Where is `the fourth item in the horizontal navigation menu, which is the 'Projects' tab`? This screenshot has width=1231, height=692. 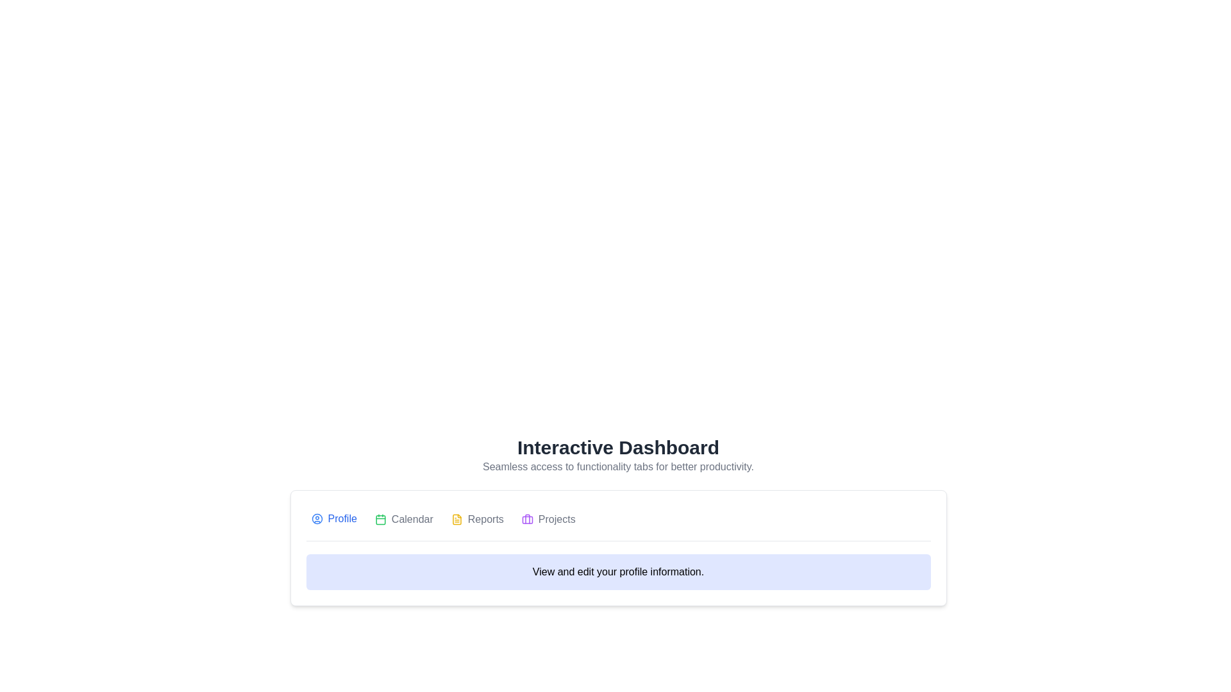
the fourth item in the horizontal navigation menu, which is the 'Projects' tab is located at coordinates (548, 519).